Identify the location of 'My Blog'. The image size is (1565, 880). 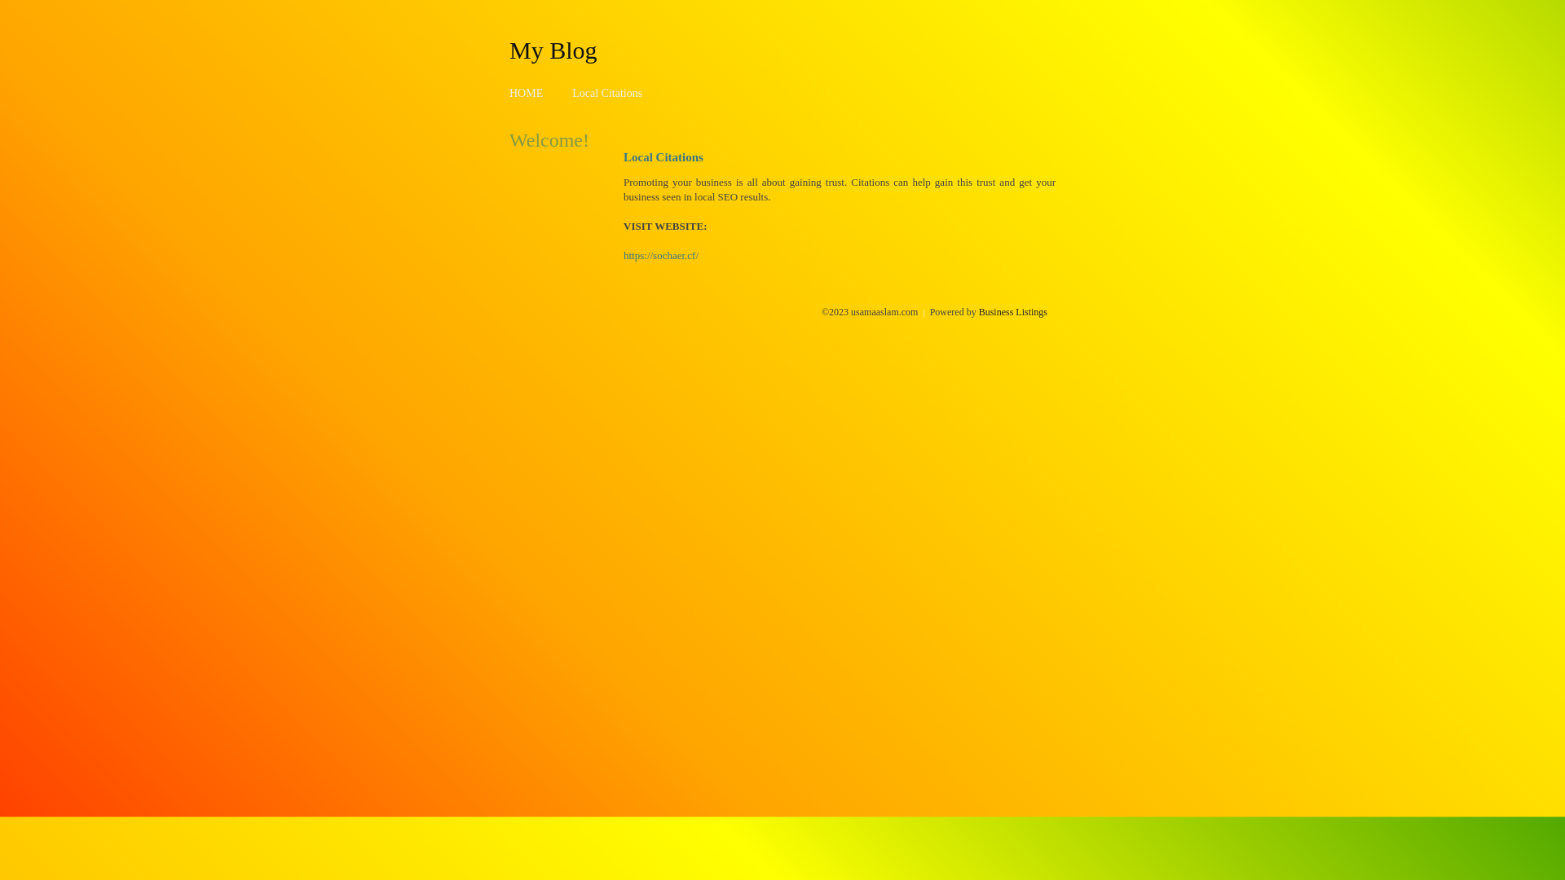
(553, 49).